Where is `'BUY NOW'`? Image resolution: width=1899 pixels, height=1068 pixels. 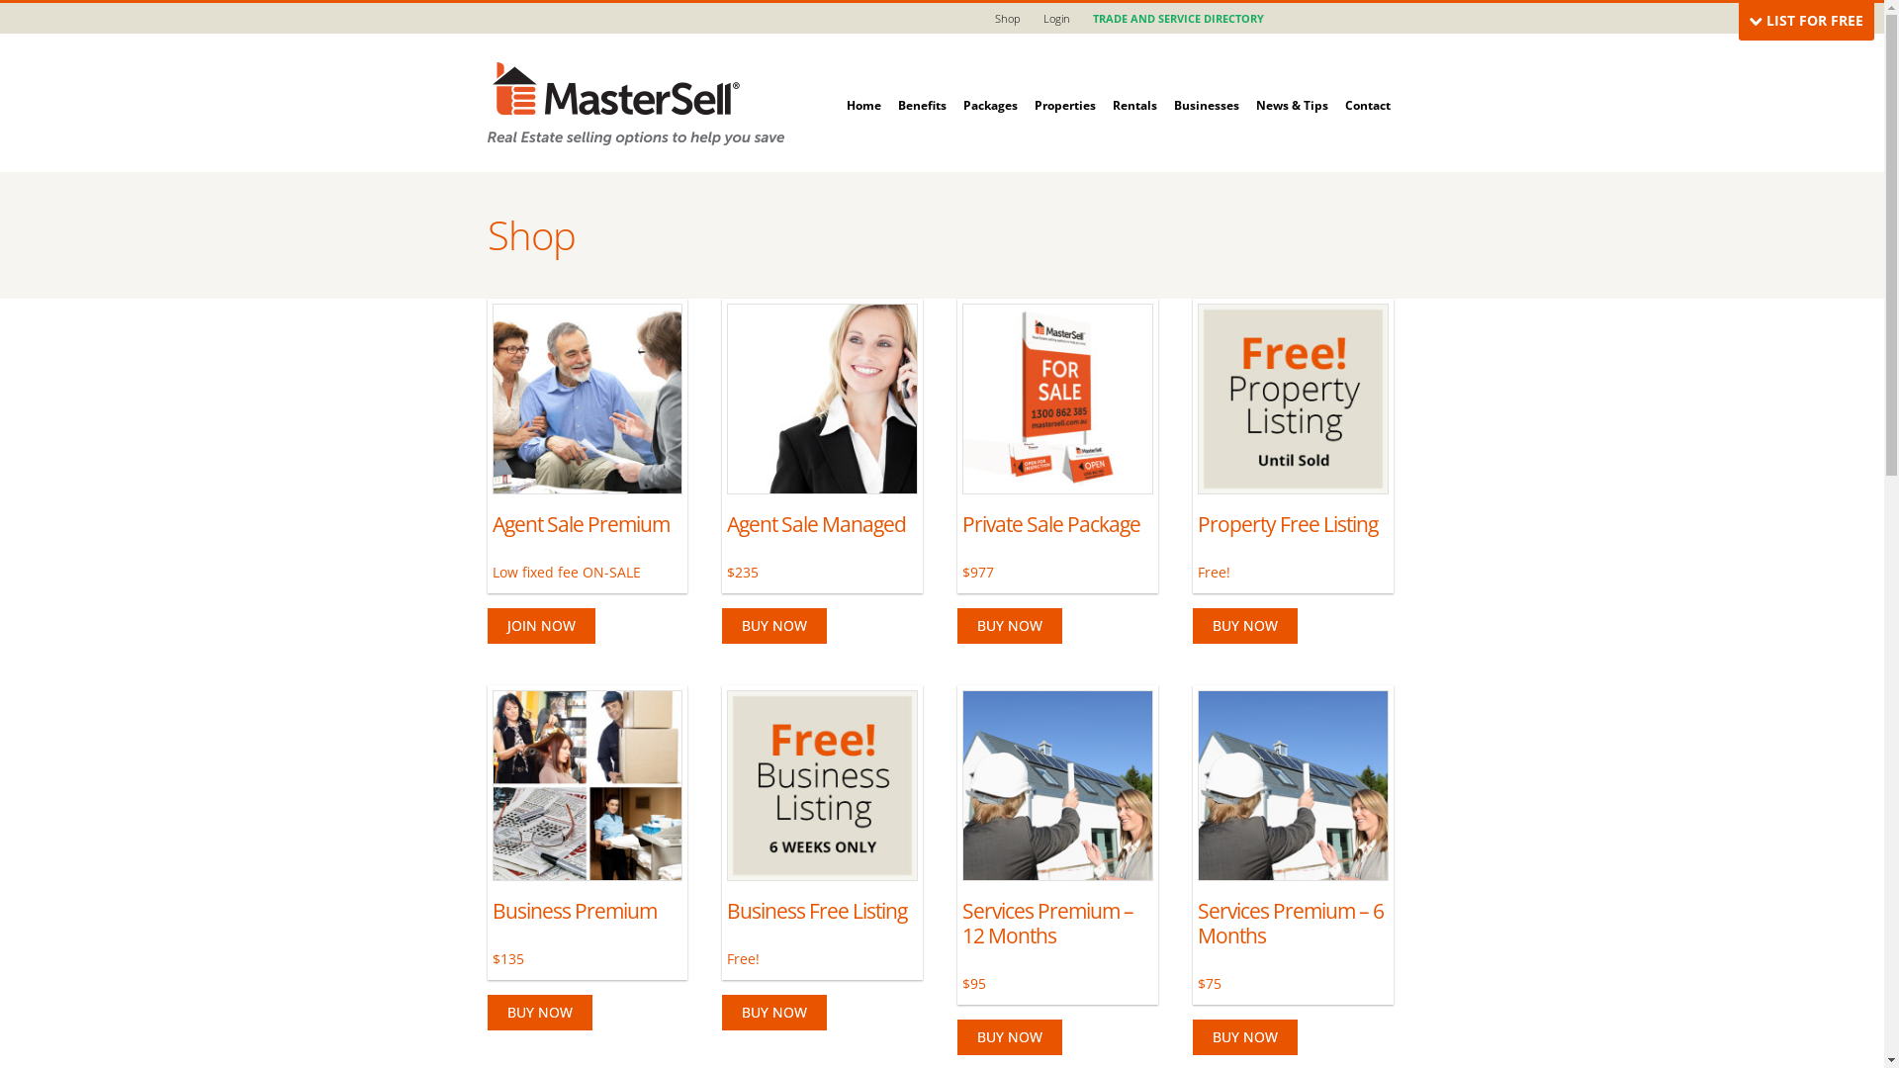 'BUY NOW' is located at coordinates (772, 625).